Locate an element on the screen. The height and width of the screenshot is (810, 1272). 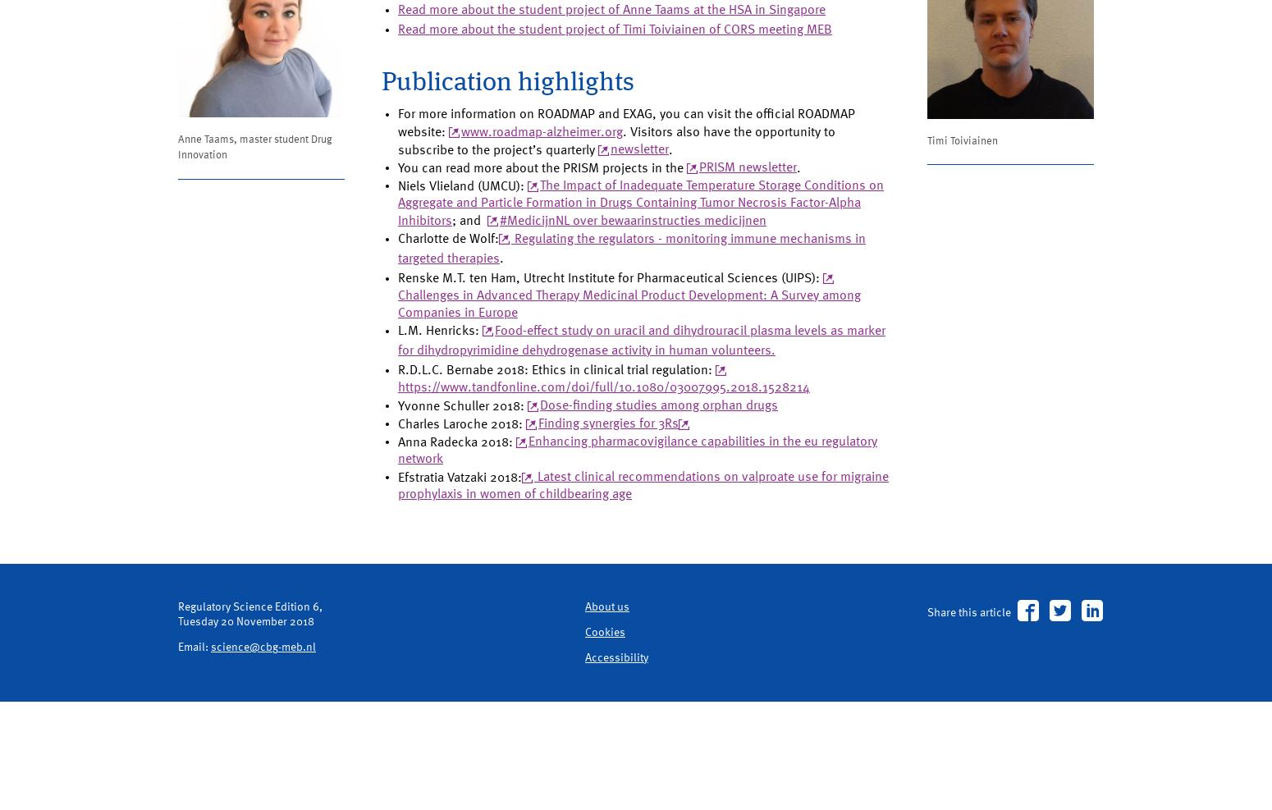
'Publication highlights' is located at coordinates (515, 142).